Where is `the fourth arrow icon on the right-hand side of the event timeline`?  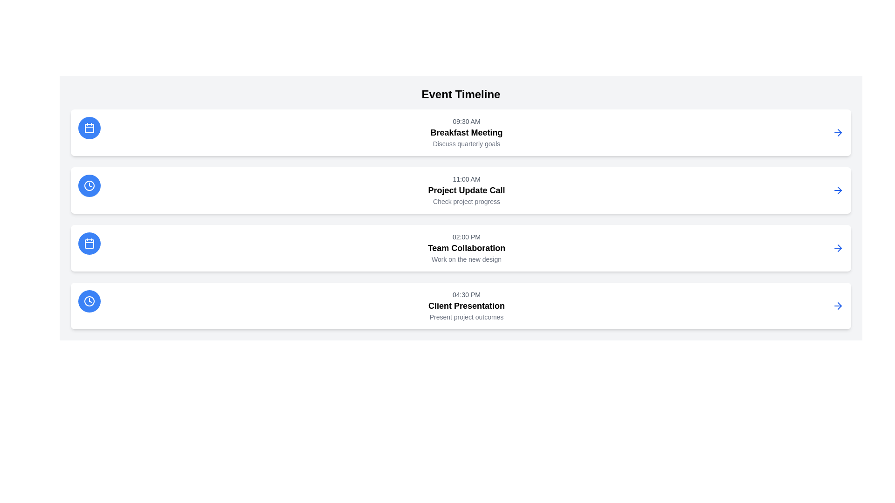
the fourth arrow icon on the right-hand side of the event timeline is located at coordinates (838, 190).